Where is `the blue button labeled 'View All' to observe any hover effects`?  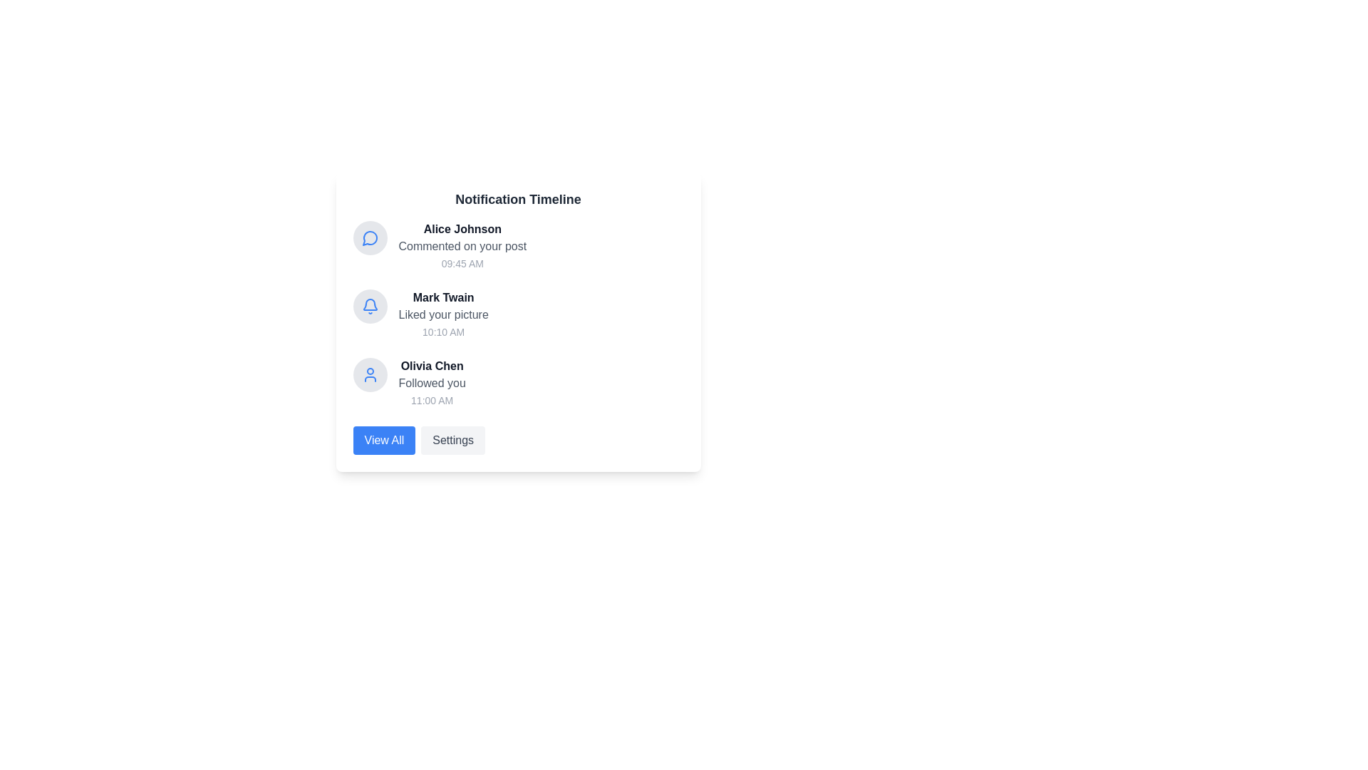
the blue button labeled 'View All' to observe any hover effects is located at coordinates (384, 439).